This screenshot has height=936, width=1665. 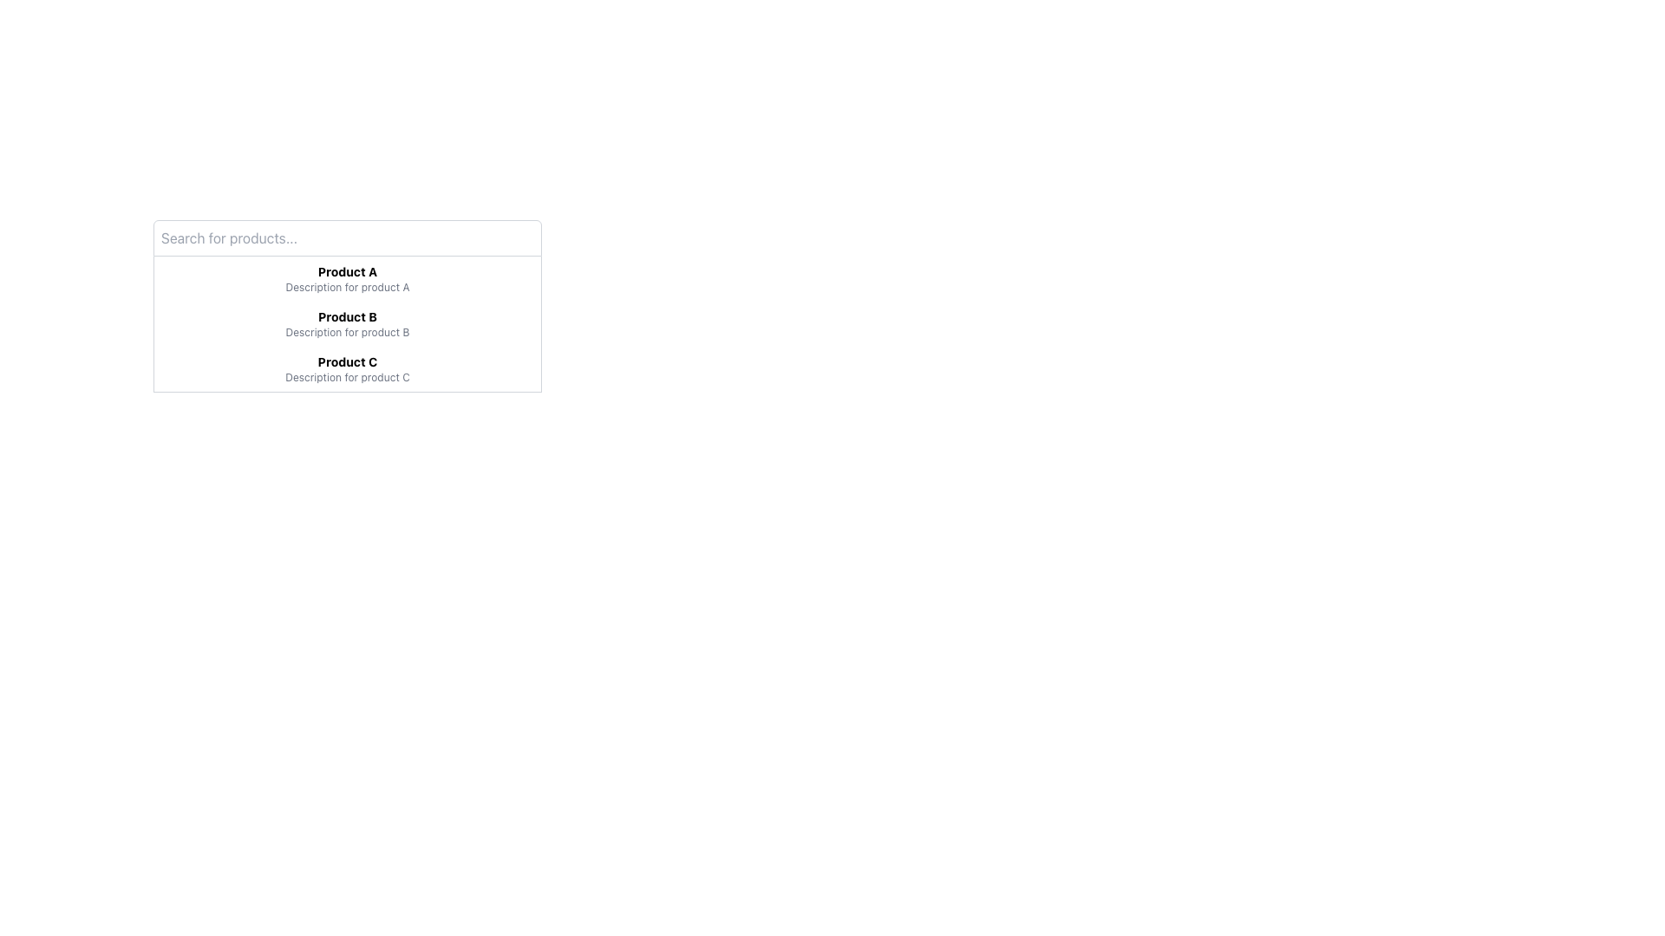 I want to click on the highlighted entry 'Product B' in the suggestion list below the search box titled 'Search for products...', so click(x=347, y=324).